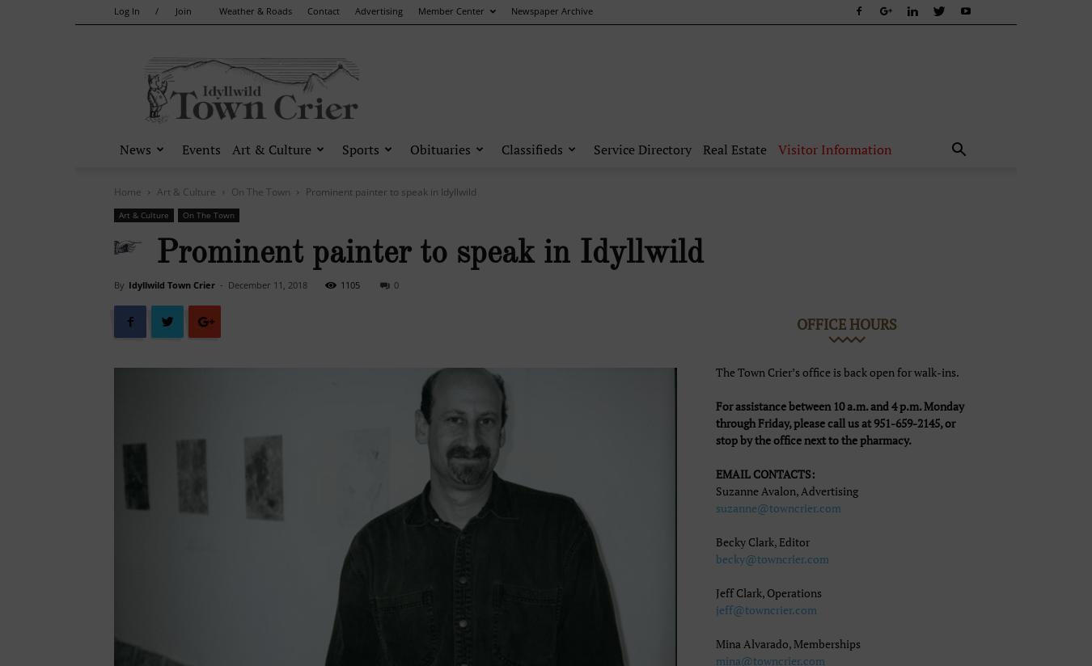  Describe the element at coordinates (171, 284) in the screenshot. I see `'Idyllwild Town Crier'` at that location.